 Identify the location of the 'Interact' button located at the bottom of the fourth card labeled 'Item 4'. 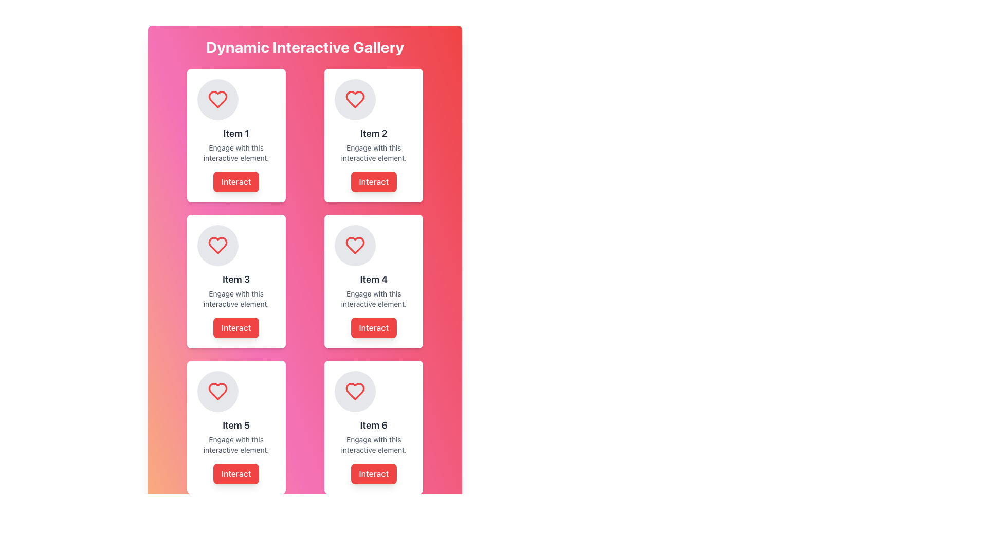
(373, 327).